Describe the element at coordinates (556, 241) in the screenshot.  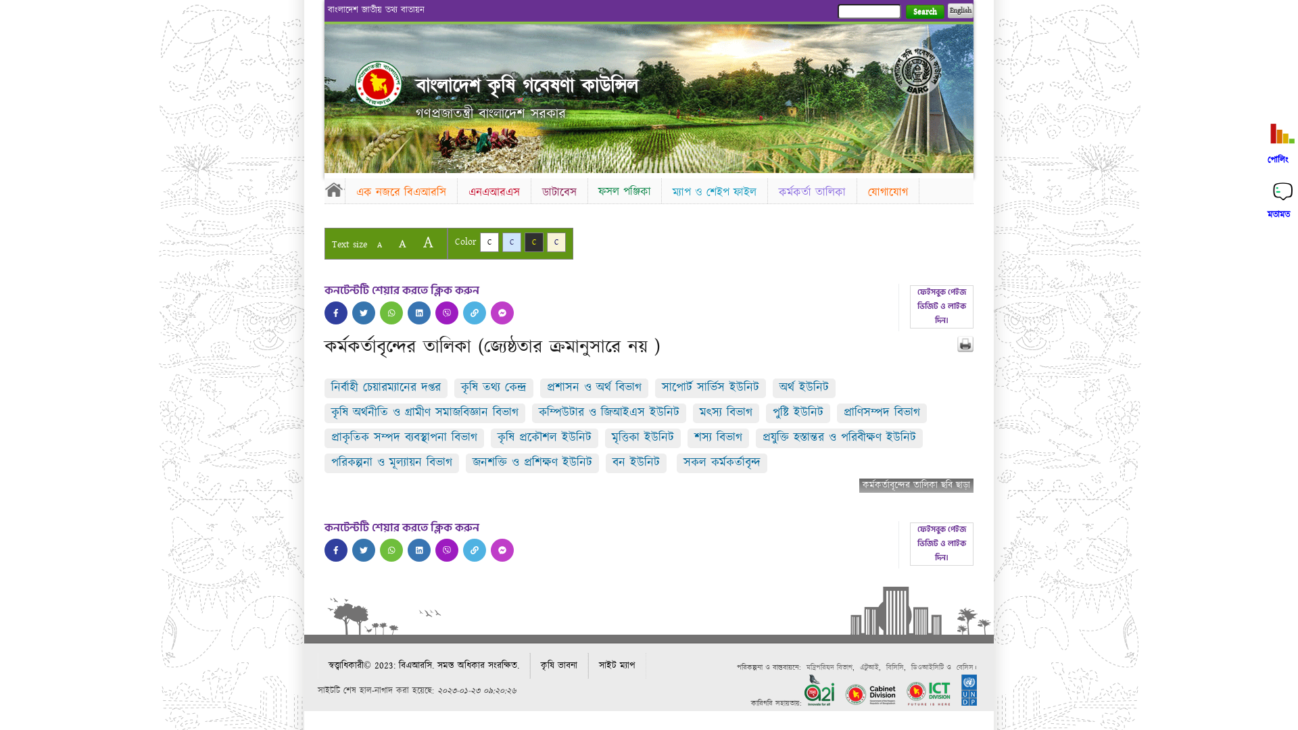
I see `'C'` at that location.